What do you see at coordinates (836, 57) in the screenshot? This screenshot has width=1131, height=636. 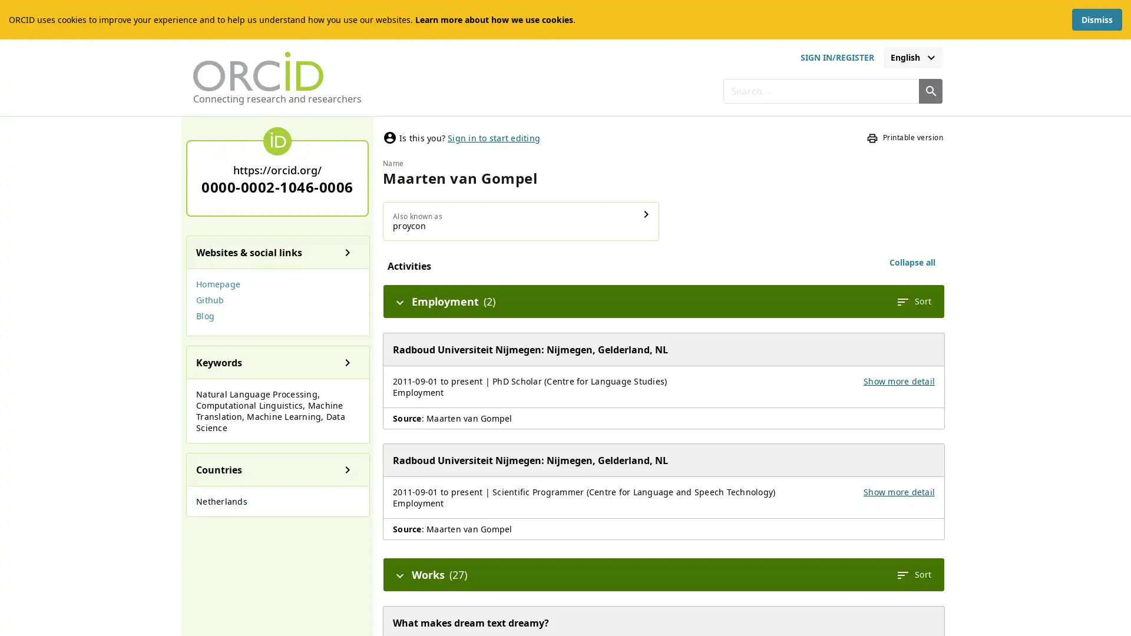 I see `sign in or register` at bounding box center [836, 57].